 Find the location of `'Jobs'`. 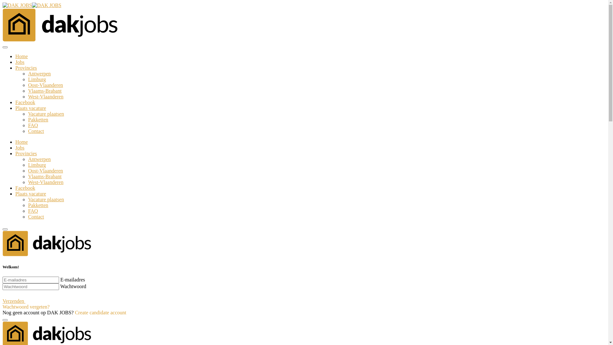

'Jobs' is located at coordinates (15, 148).